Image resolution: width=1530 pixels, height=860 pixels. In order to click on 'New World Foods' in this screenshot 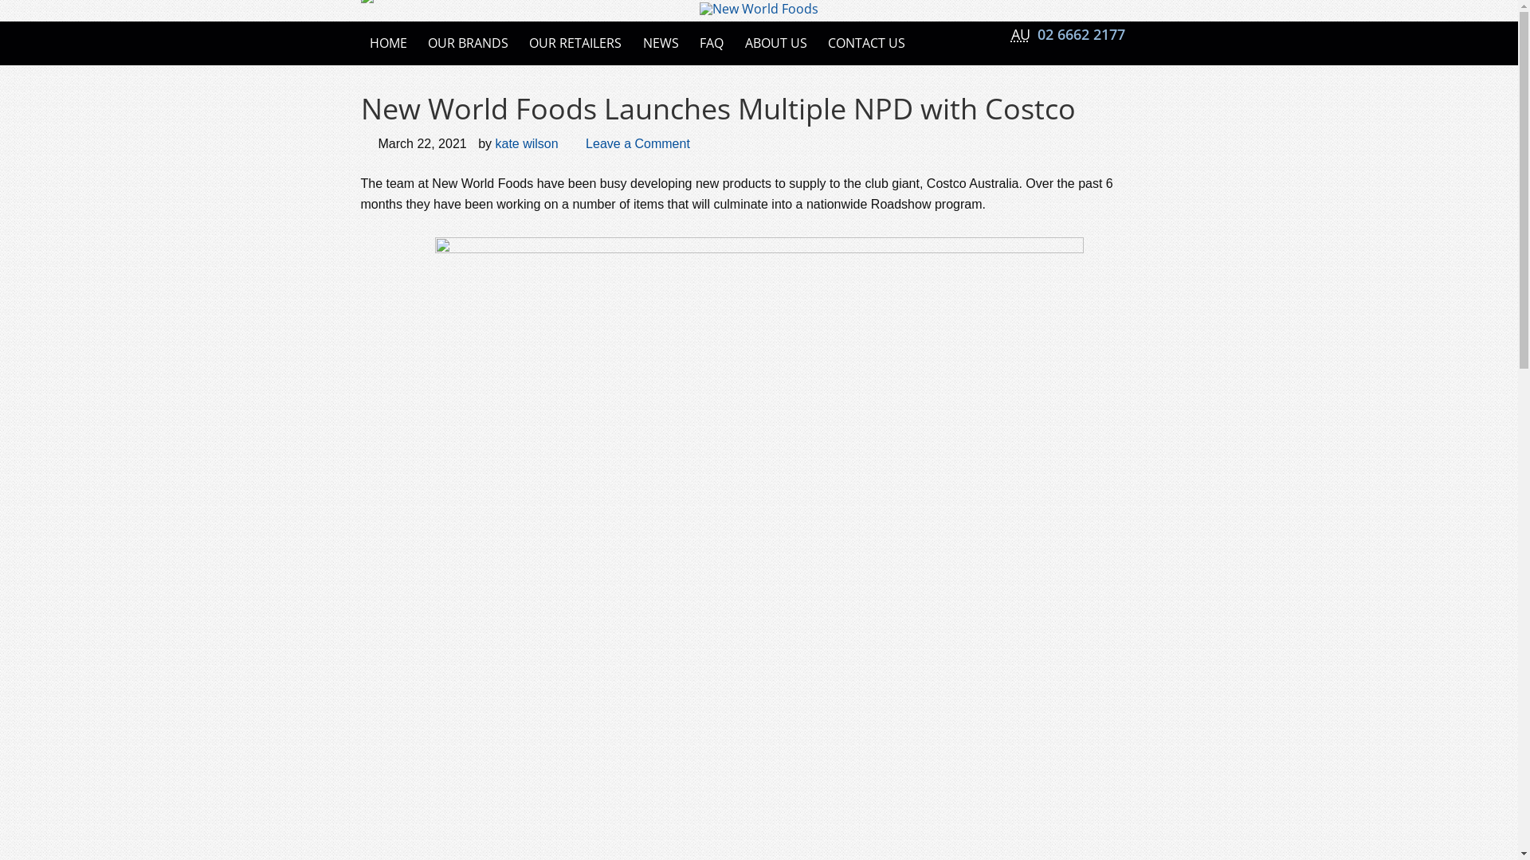, I will do `click(758, 9)`.